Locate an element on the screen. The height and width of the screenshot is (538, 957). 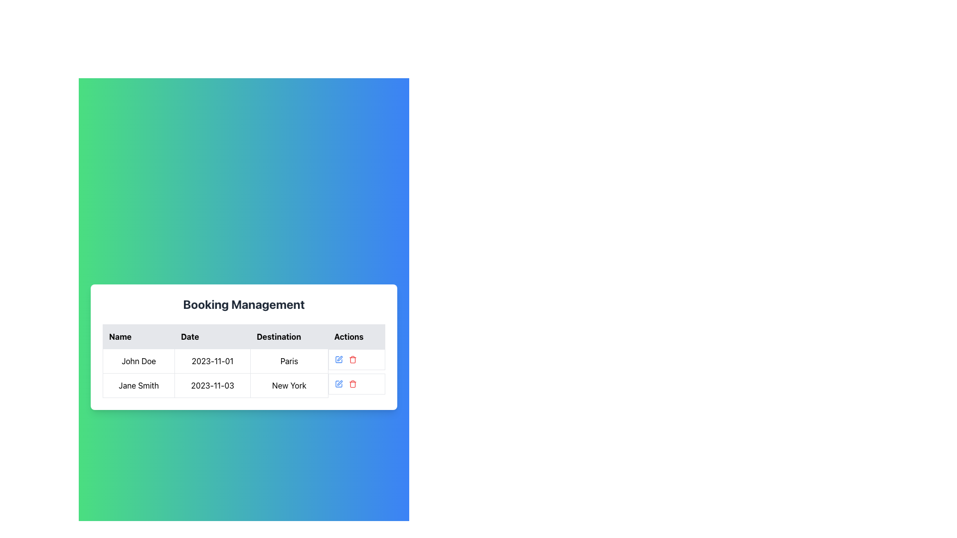
the first row of the table under the 'Booking Management' header, which contains the text 'John Doe', '2023-11-01', and 'Paris' is located at coordinates (244, 361).